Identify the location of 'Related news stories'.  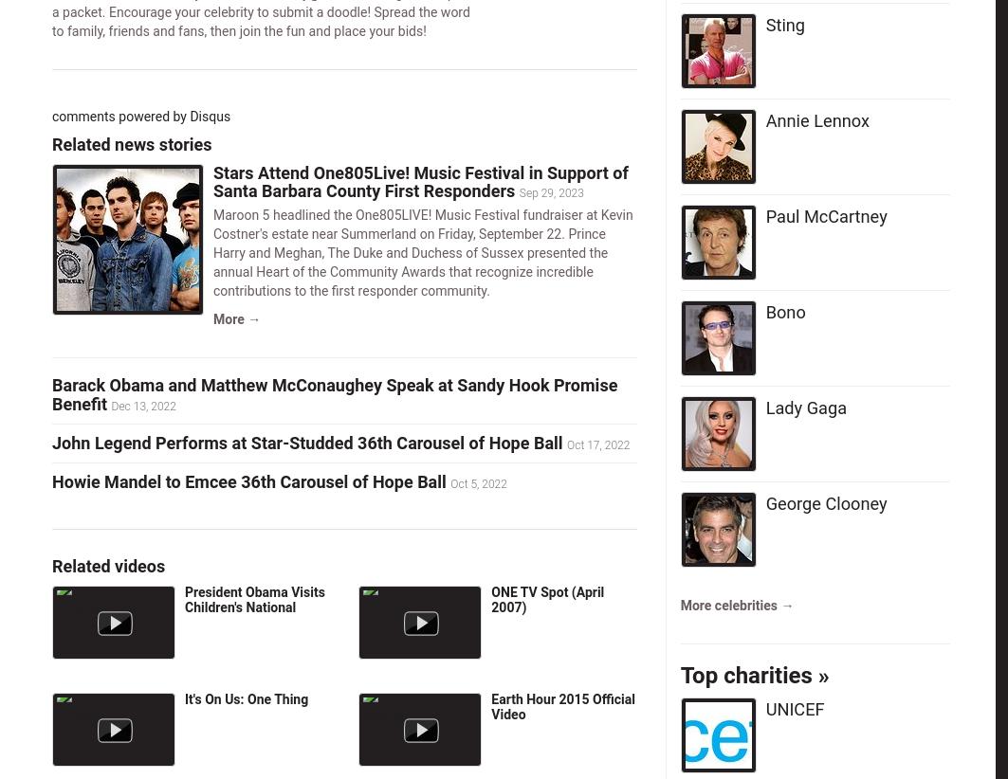
(132, 143).